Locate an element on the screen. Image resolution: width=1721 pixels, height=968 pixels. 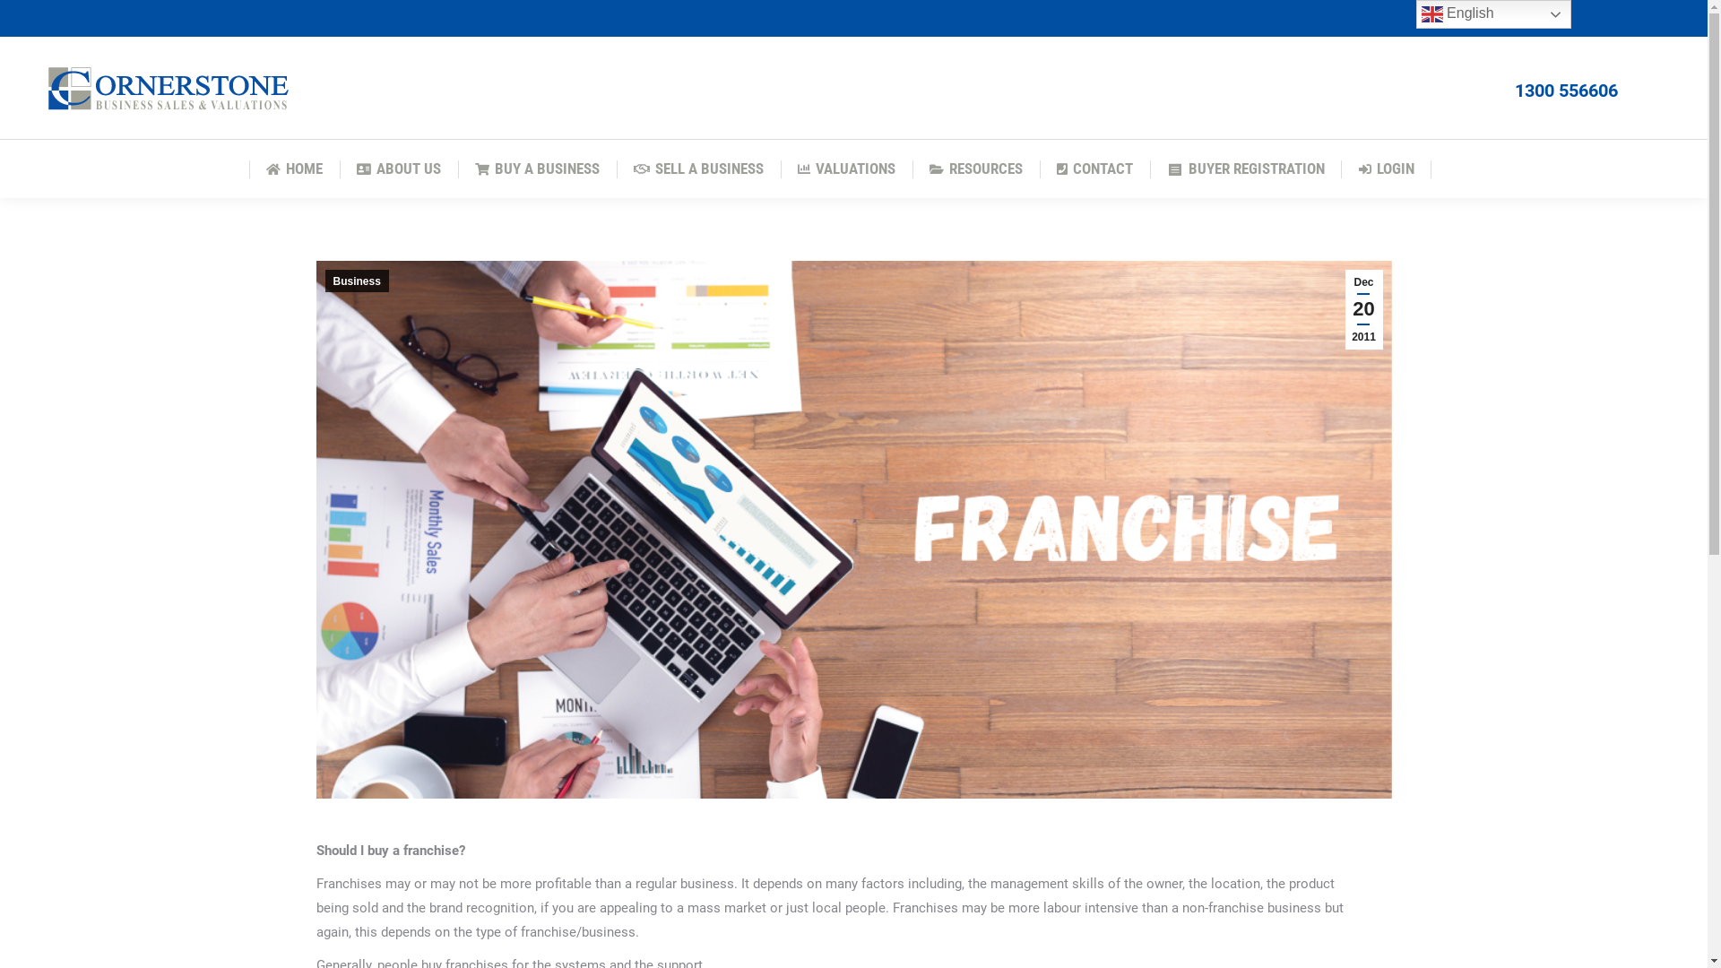
'BUY A BUSINESS' is located at coordinates (469, 169).